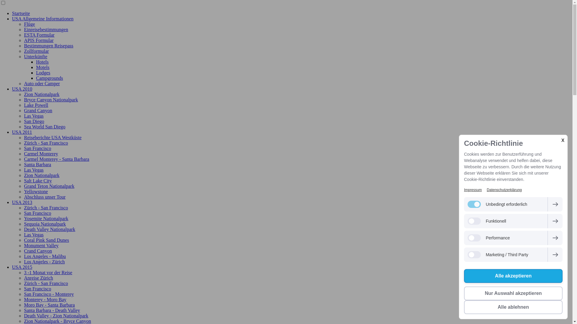 The width and height of the screenshot is (577, 324). What do you see at coordinates (24, 229) in the screenshot?
I see `'Death Valley Nationalpark'` at bounding box center [24, 229].